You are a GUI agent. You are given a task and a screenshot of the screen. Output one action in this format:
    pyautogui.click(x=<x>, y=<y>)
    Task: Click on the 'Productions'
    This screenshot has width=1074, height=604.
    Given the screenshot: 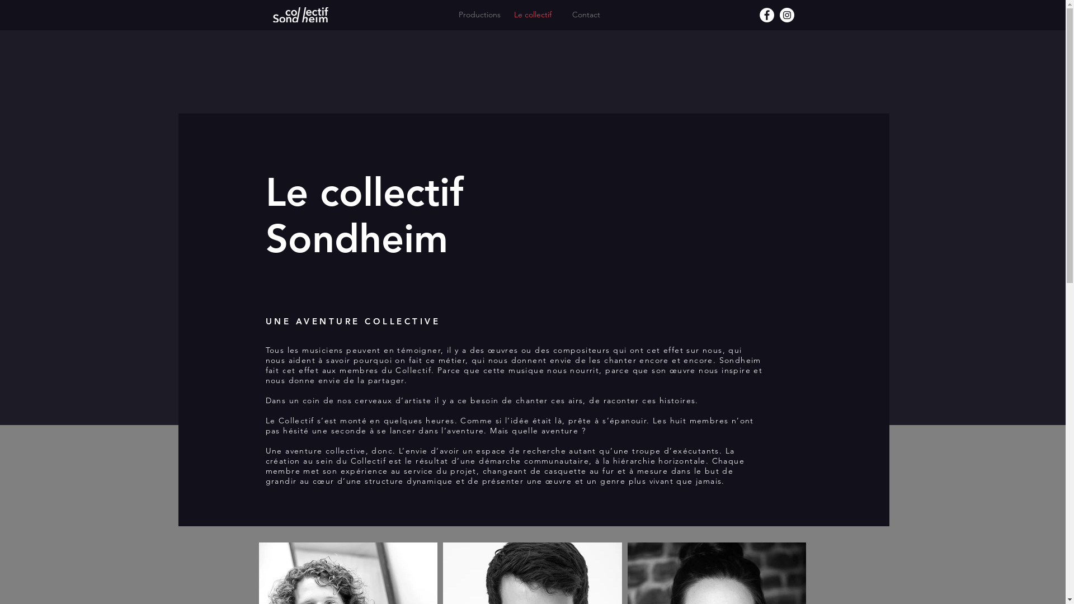 What is the action you would take?
    pyautogui.click(x=479, y=15)
    